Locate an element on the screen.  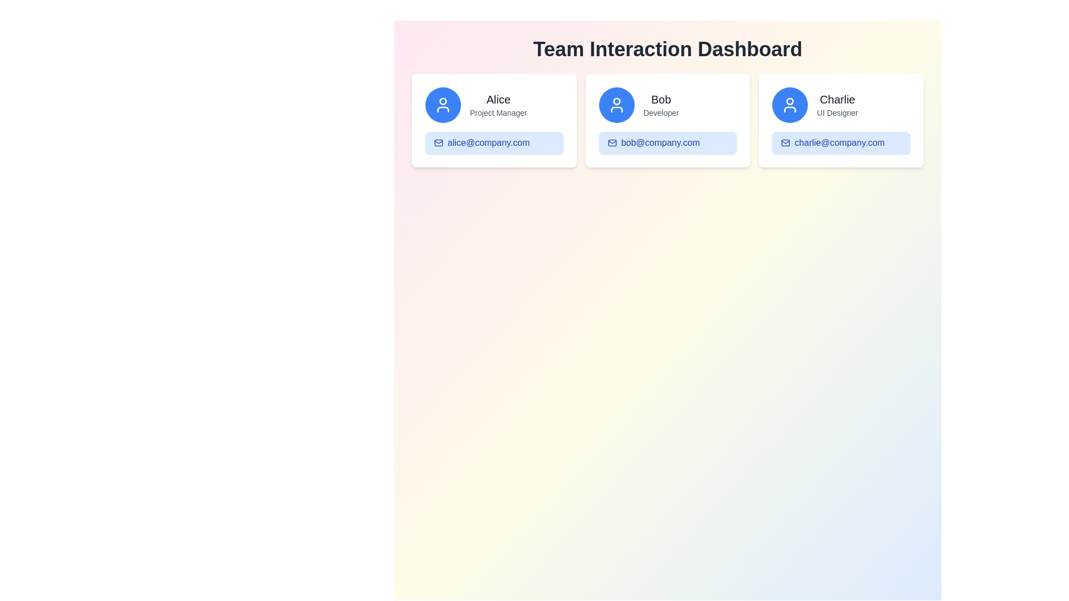
the mail envelope icon located to the left of the email address label 'bob@company.com' in Bob's card section is located at coordinates (611, 142).